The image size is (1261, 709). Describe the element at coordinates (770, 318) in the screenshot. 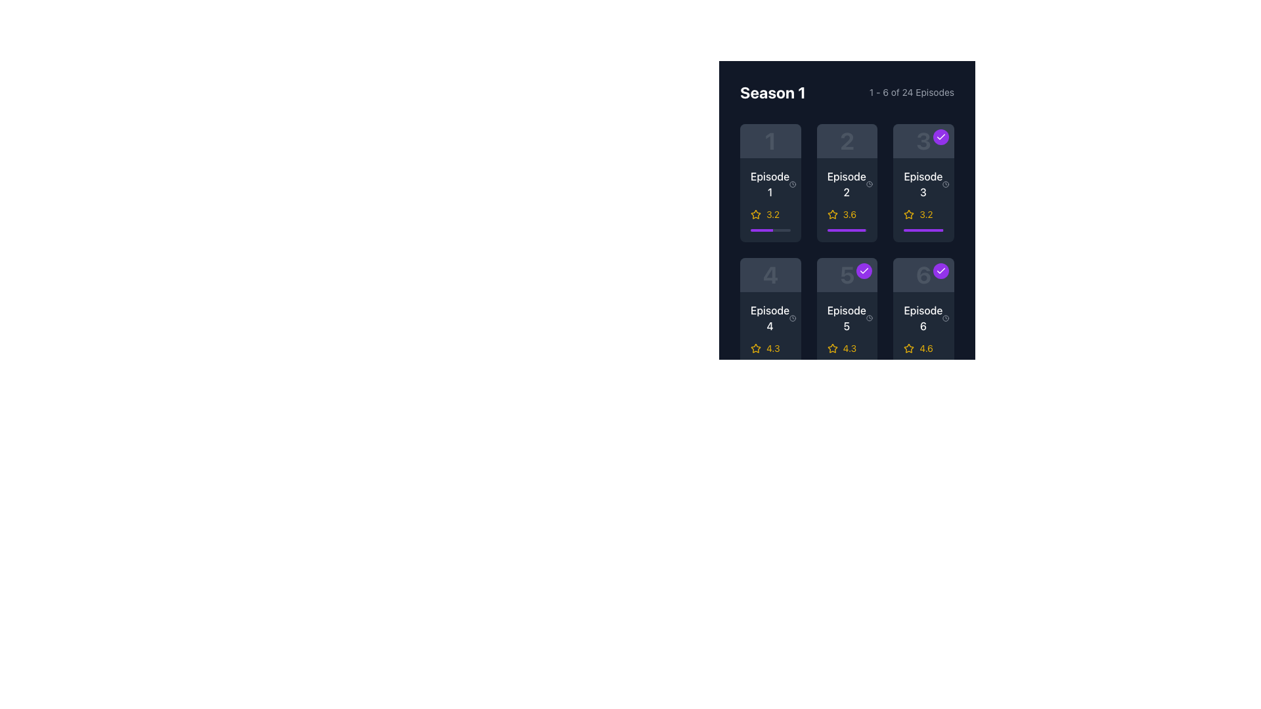

I see `the text label displaying 'Episode 4', which is styled with a bold white font against a dark background and positioned in the second row, first column of the episode grid layout` at that location.